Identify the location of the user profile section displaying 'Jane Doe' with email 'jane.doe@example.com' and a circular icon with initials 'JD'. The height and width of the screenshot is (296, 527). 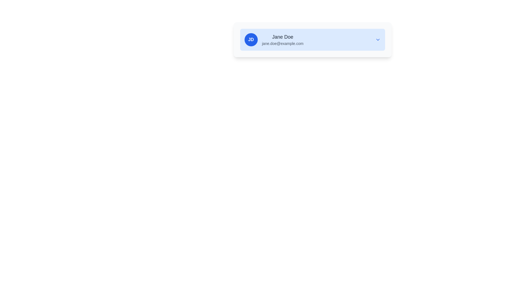
(274, 39).